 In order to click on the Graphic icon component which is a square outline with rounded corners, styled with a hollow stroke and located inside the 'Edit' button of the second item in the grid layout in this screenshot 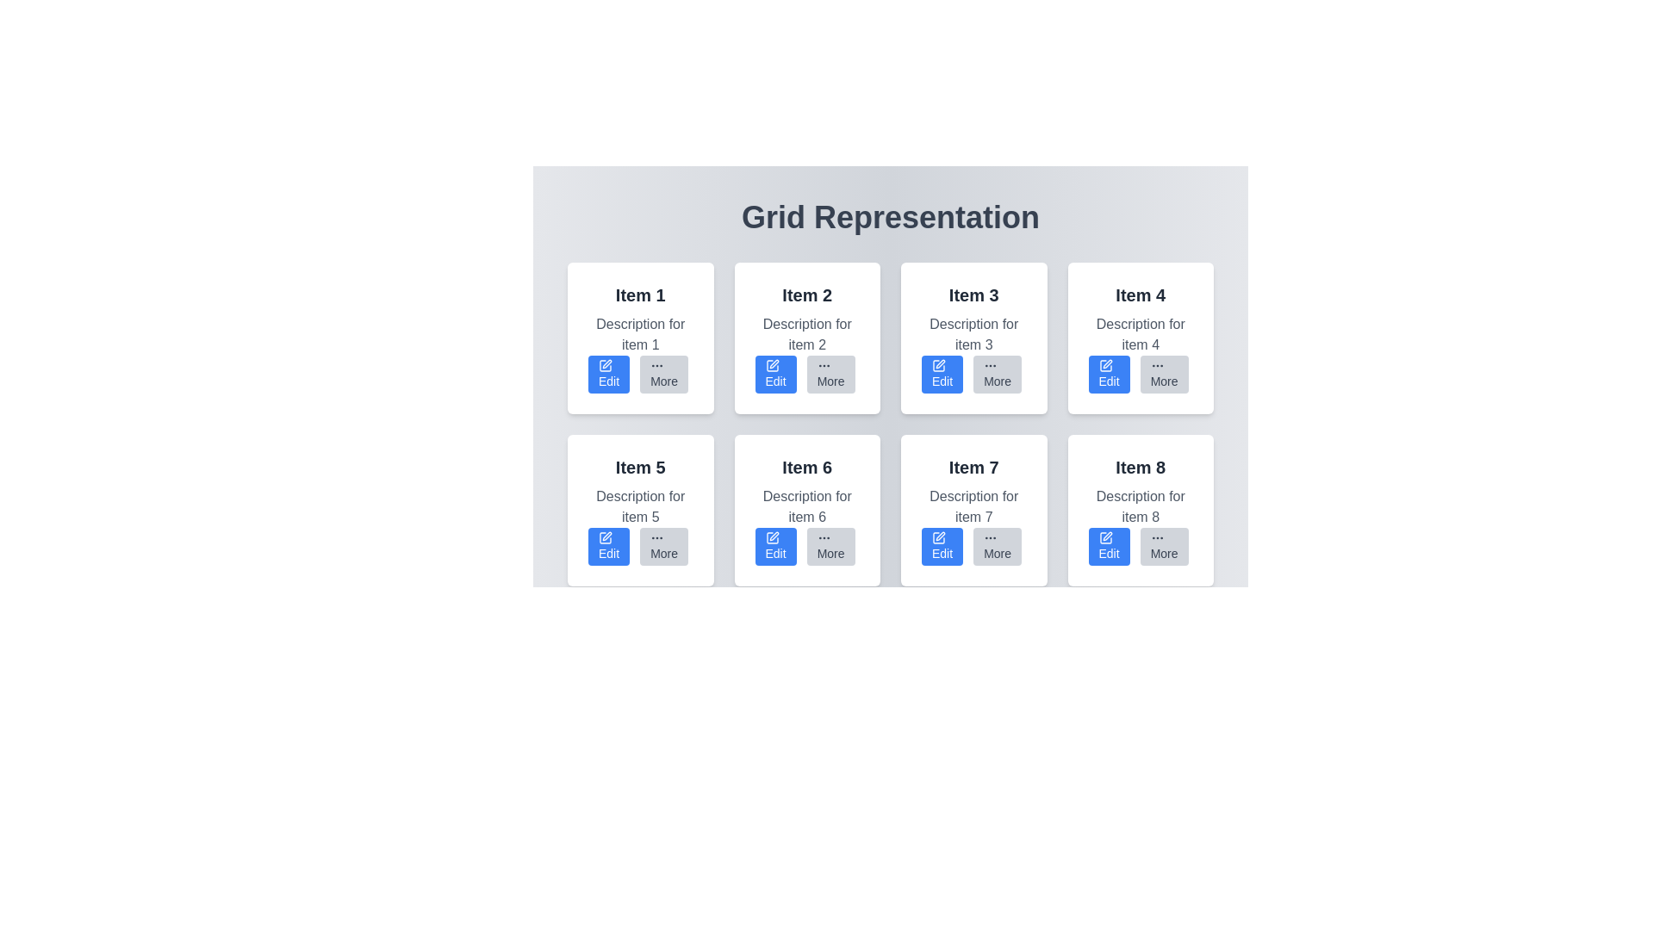, I will do `click(771, 364)`.